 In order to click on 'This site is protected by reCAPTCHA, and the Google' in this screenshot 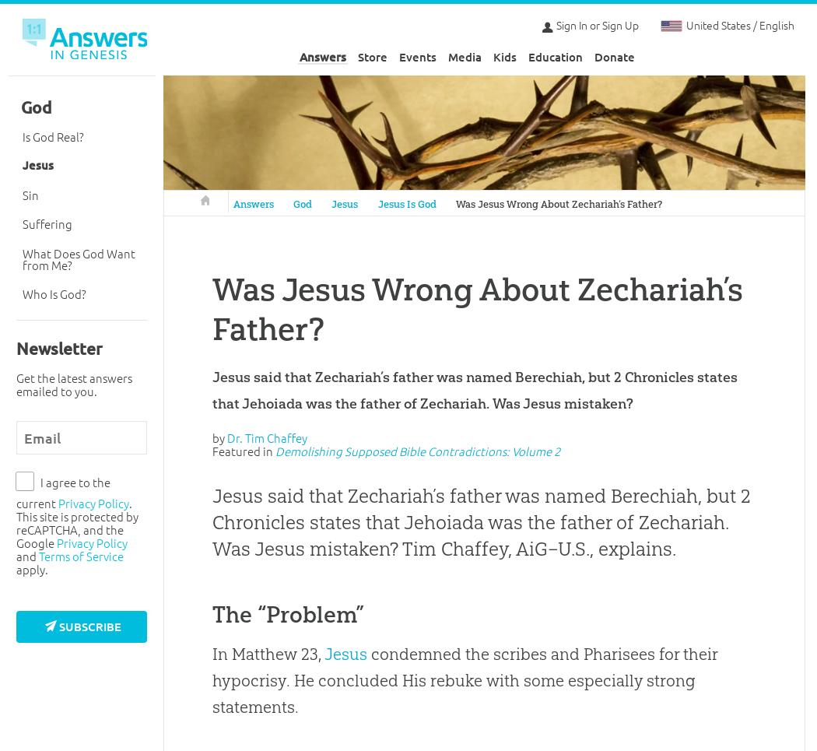, I will do `click(77, 528)`.